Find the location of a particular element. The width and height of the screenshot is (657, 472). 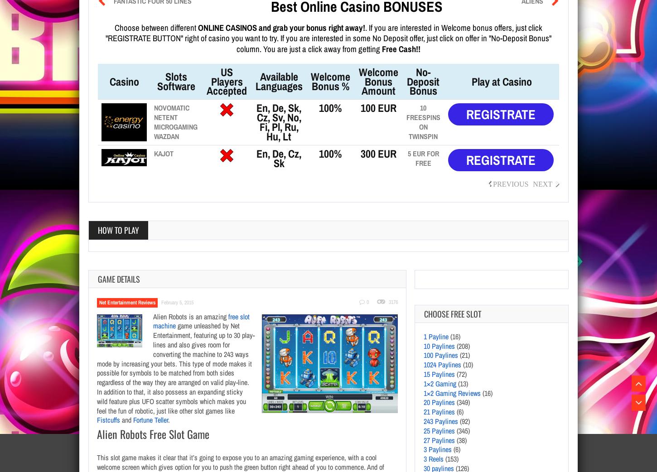

'Available Languages' is located at coordinates (278, 81).